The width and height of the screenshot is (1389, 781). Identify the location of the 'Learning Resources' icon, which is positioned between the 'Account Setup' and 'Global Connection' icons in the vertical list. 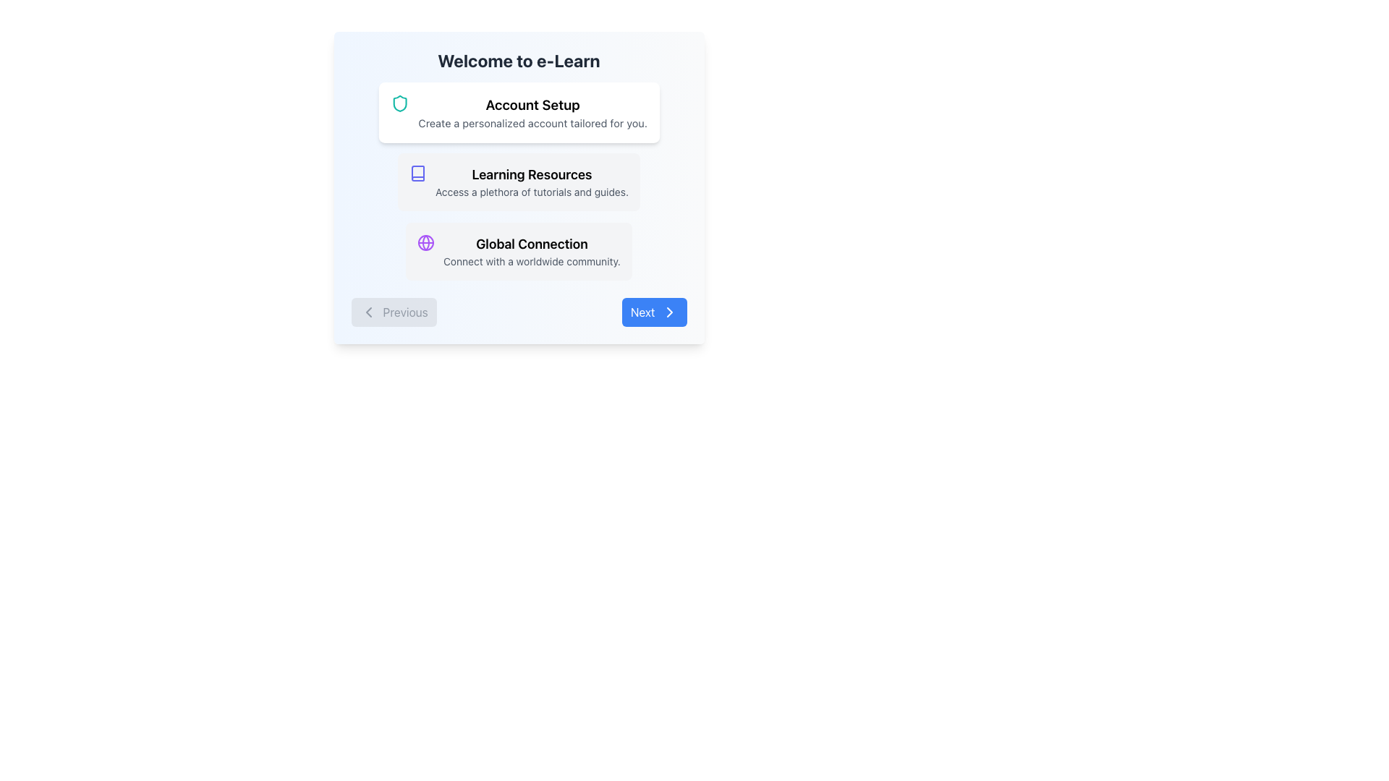
(417, 172).